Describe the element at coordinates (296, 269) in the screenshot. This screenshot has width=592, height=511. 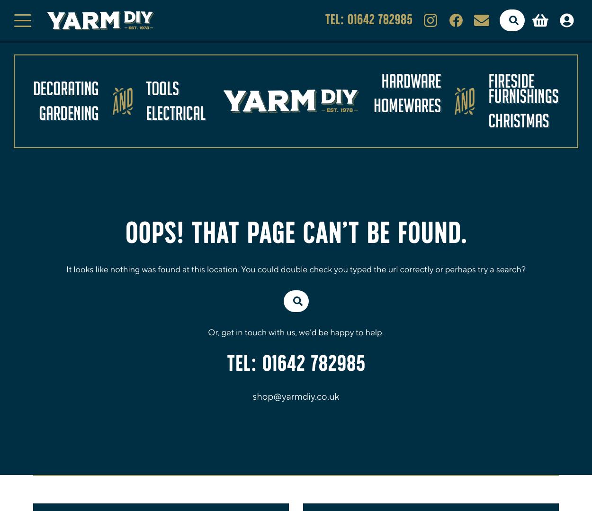
I see `'It looks like nothing was found at this location. You could double check you typed the url correctly or perhaps try a search?'` at that location.